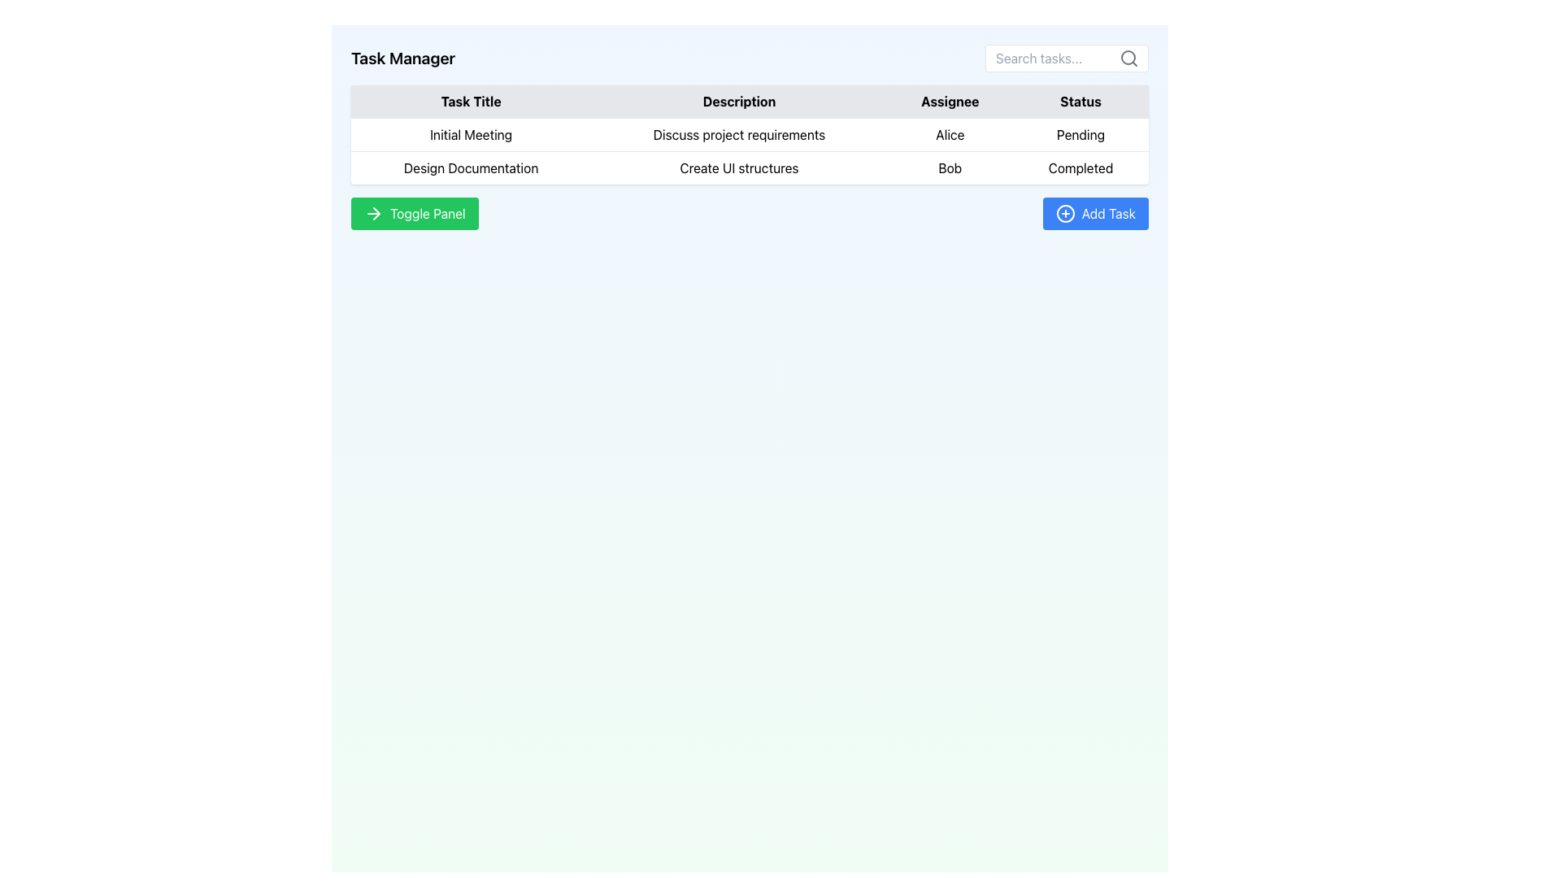  Describe the element at coordinates (1065, 212) in the screenshot. I see `the graphical icon resembling a hollow circle with a blue border and a plus sign at the center, which is positioned to the left of the 'Add Task' button label` at that location.